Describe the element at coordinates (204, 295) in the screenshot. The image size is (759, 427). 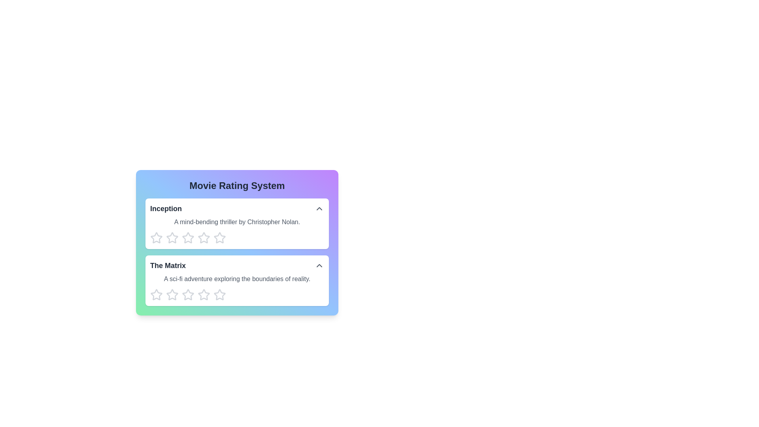
I see `the sixth hollow star icon with a gray outline in the rating section under 'The Matrix' to trigger its interactive enlarging effect` at that location.